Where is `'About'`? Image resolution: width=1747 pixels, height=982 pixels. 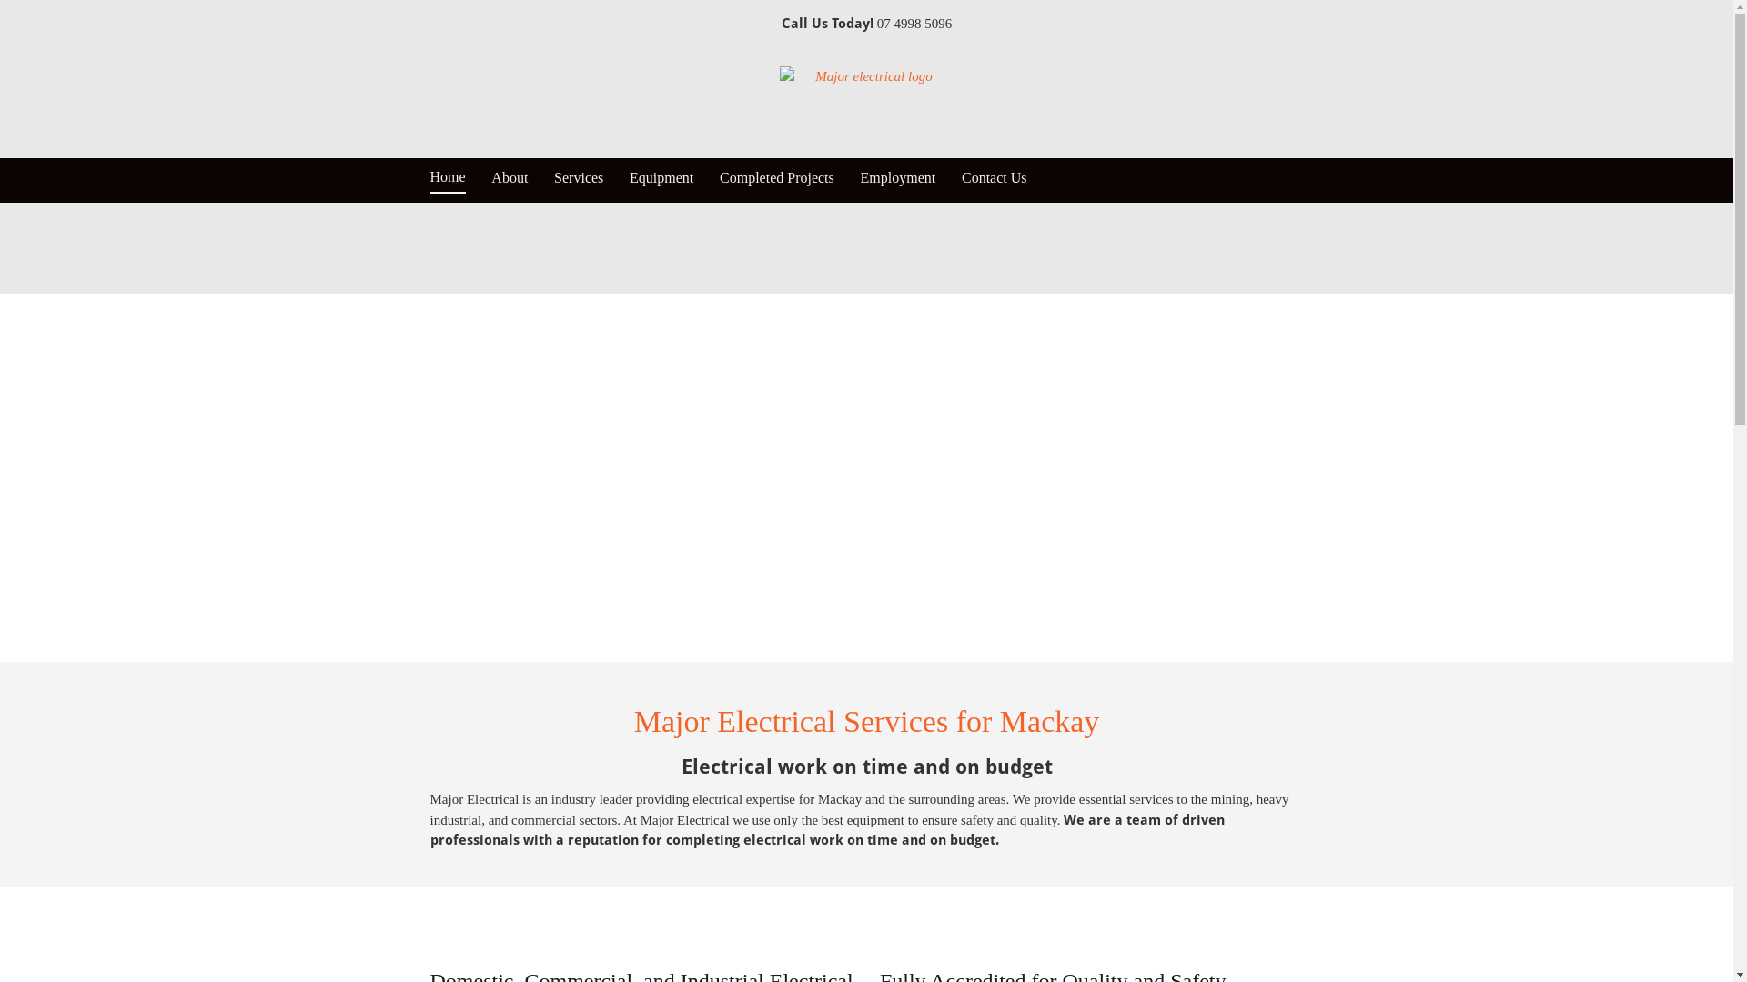
'About' is located at coordinates (510, 179).